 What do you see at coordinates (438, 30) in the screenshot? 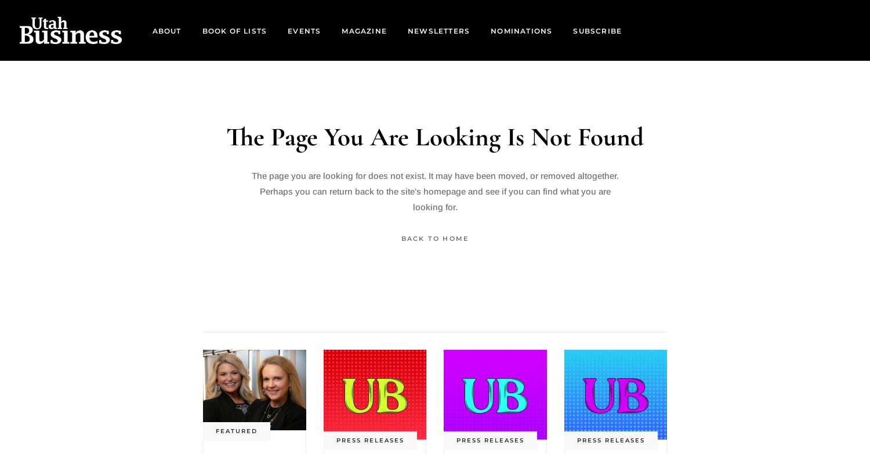
I see `'Newsletters'` at bounding box center [438, 30].